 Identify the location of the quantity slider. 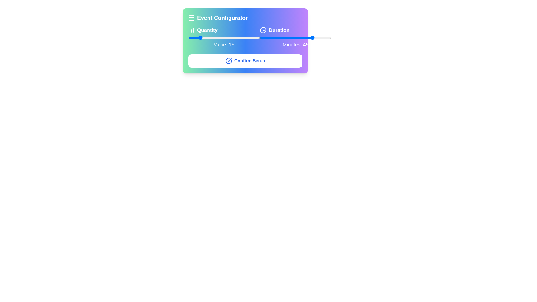
(206, 38).